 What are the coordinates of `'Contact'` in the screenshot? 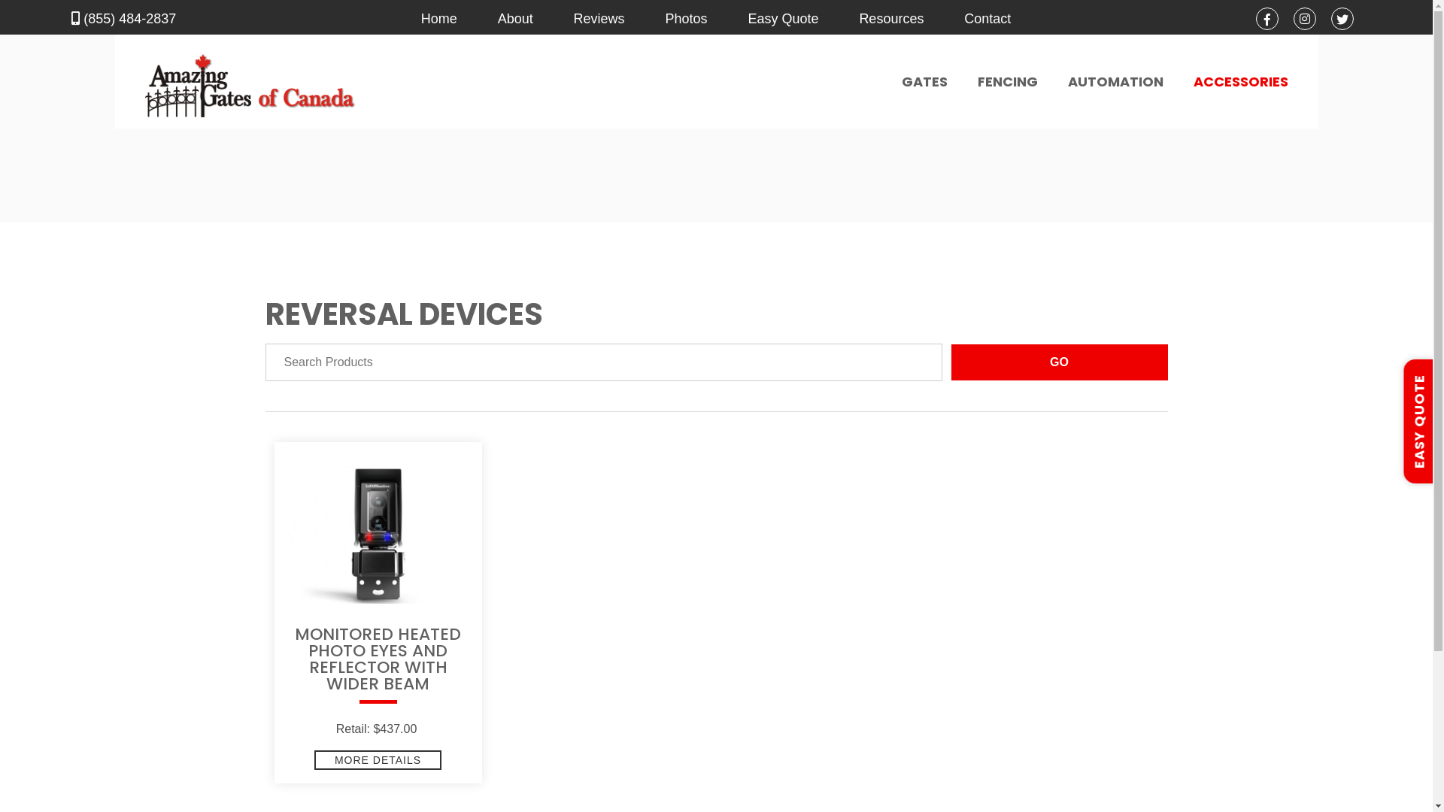 It's located at (987, 18).